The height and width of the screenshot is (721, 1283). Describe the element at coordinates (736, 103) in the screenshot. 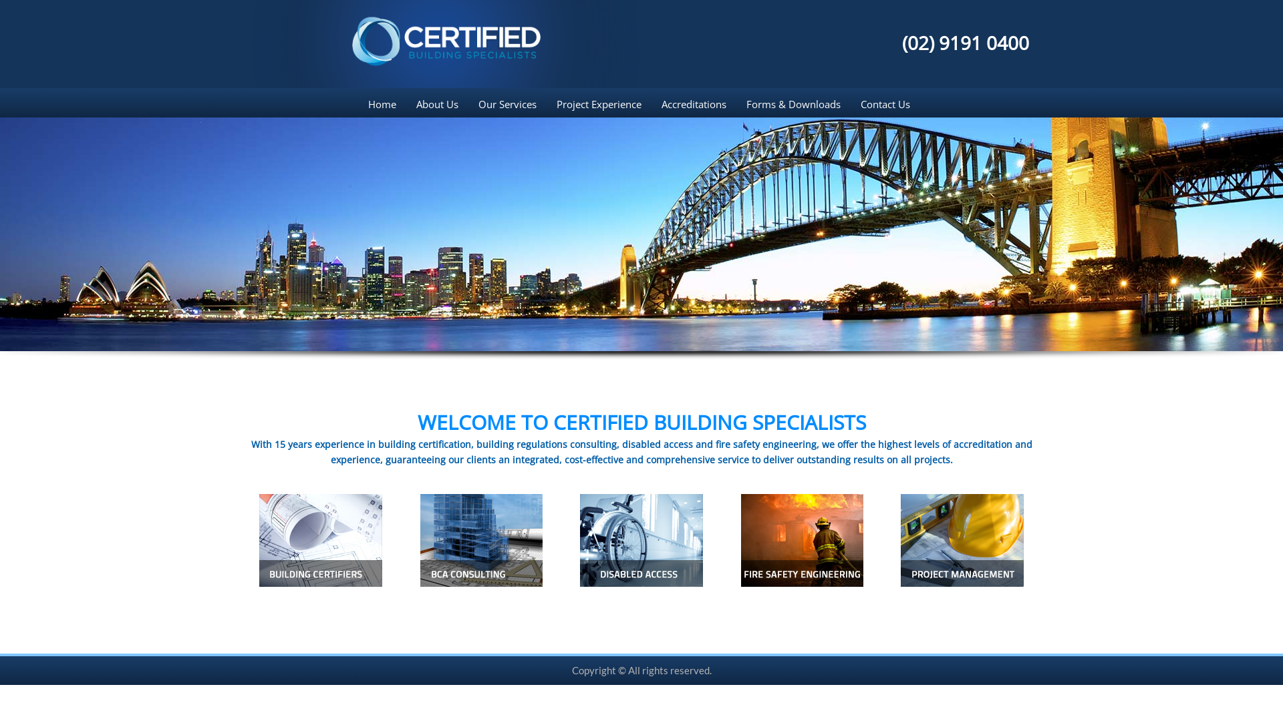

I see `'Forms & Downloads'` at that location.